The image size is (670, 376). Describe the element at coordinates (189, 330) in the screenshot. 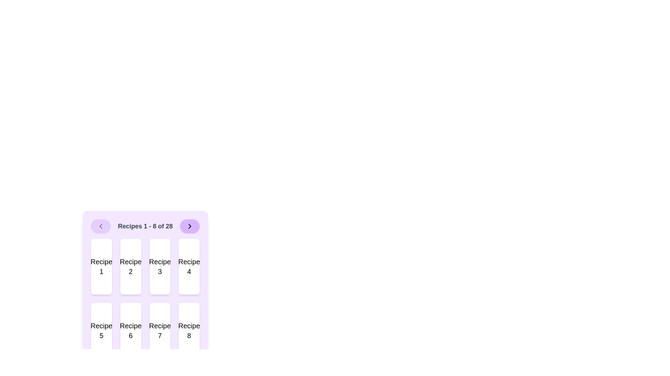

I see `the static text label that identifies the recipe as 'Recipe 8', located in the second row and fourth column of the recipe grid` at that location.